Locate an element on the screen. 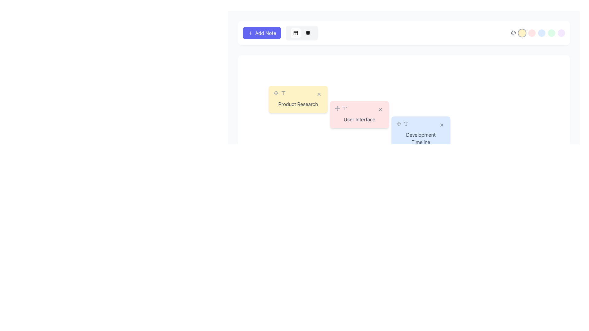 This screenshot has height=331, width=589. the editable text label titled 'Development Timeline' is located at coordinates (421, 138).